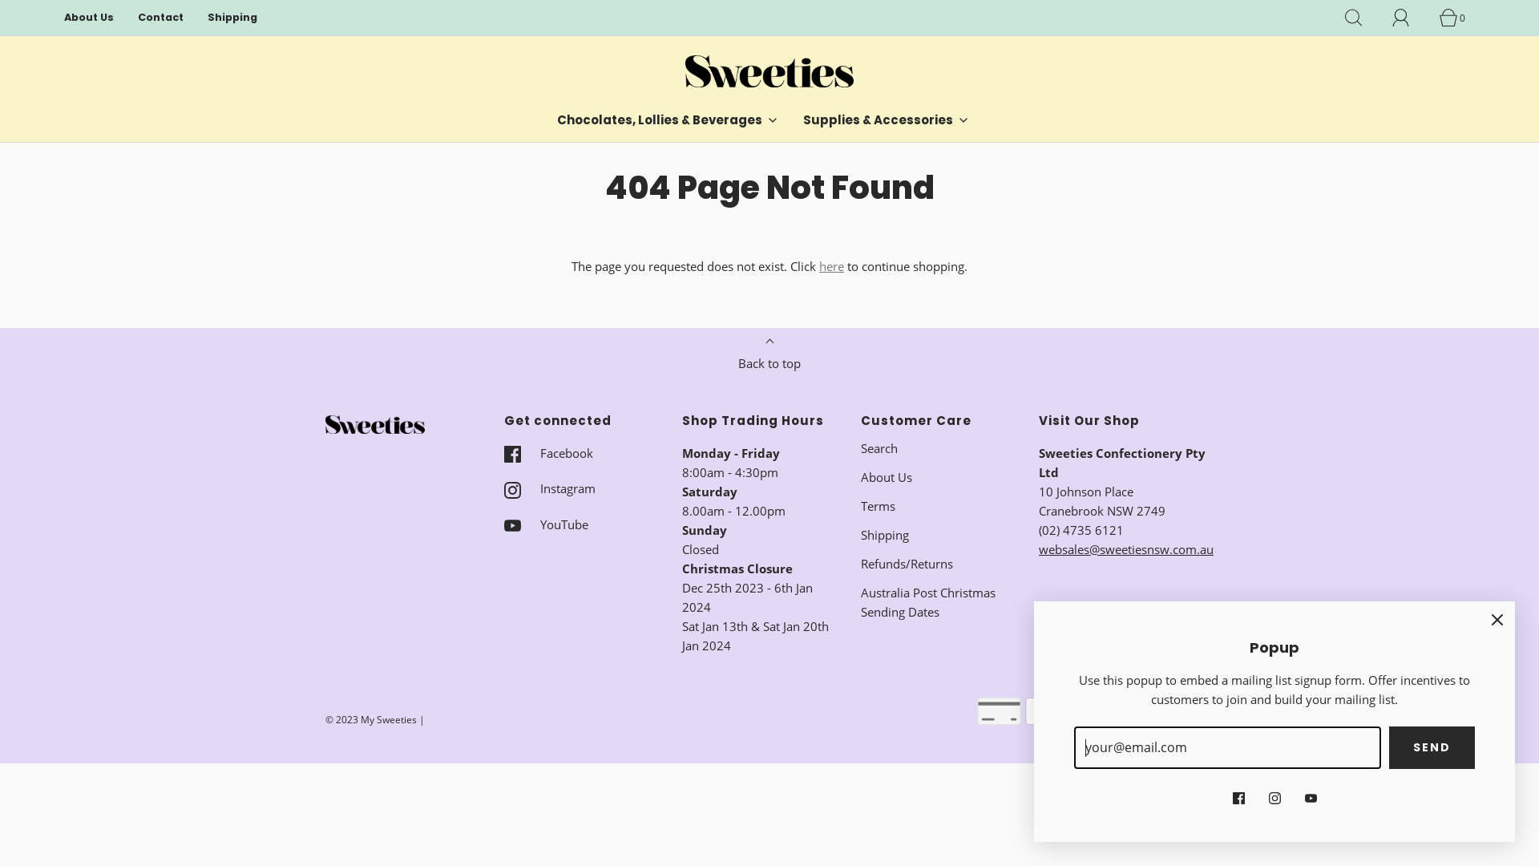 This screenshot has height=866, width=1539. I want to click on 'Shipping', so click(231, 18).